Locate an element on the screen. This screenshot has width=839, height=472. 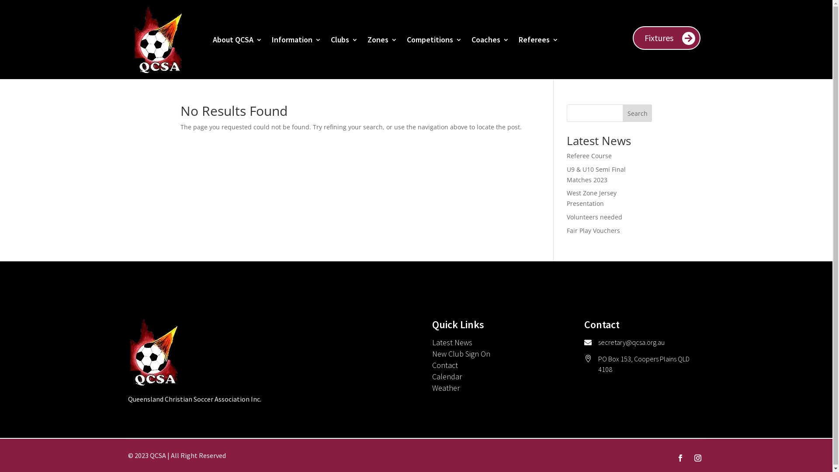
'Follow on Facebook' is located at coordinates (679, 458).